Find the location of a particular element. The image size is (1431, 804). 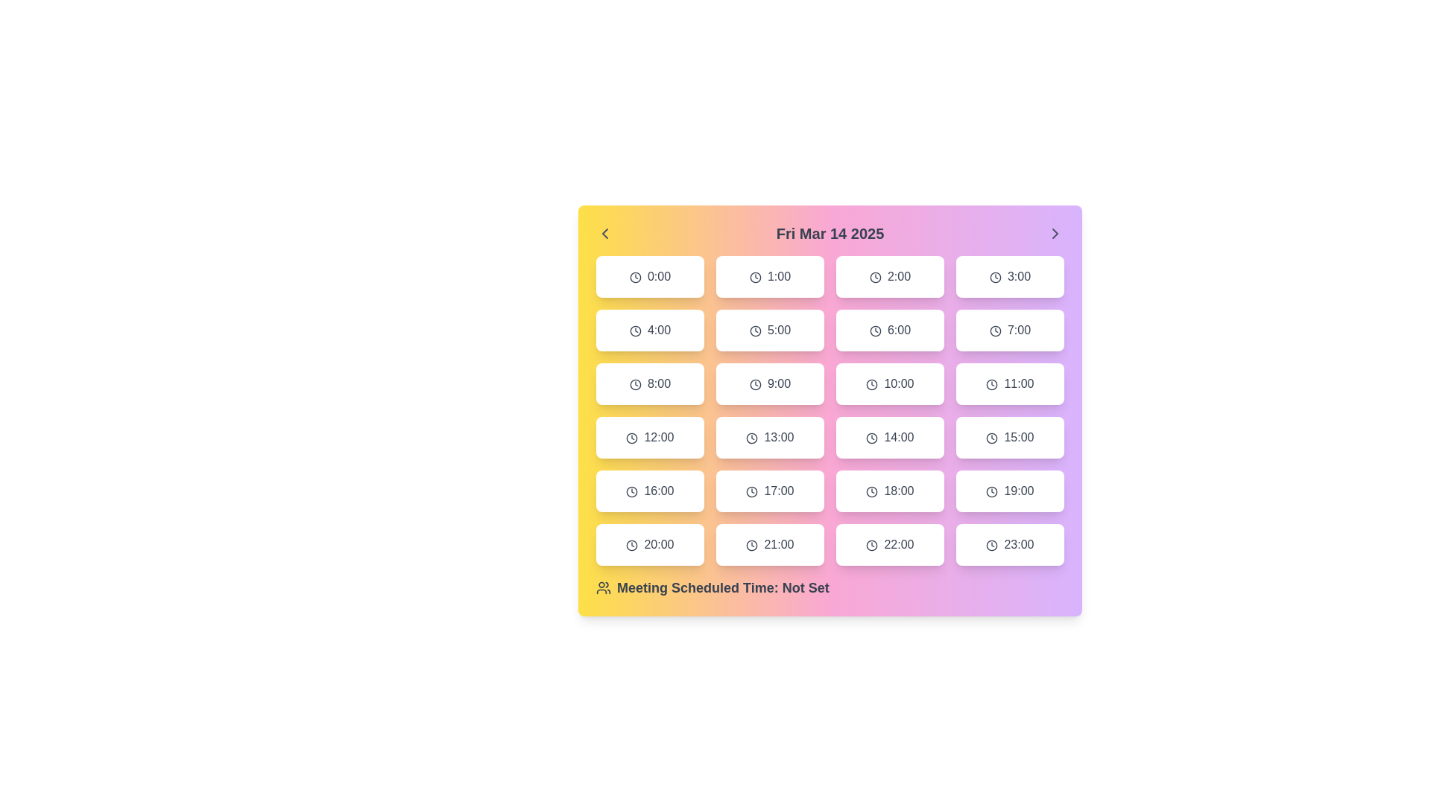

the rectangular button labeled '19:00' with a clock icon, which is located in the fifth column of the fourth row in a 6x4 grid layout to trigger visual feedback is located at coordinates (1010, 491).